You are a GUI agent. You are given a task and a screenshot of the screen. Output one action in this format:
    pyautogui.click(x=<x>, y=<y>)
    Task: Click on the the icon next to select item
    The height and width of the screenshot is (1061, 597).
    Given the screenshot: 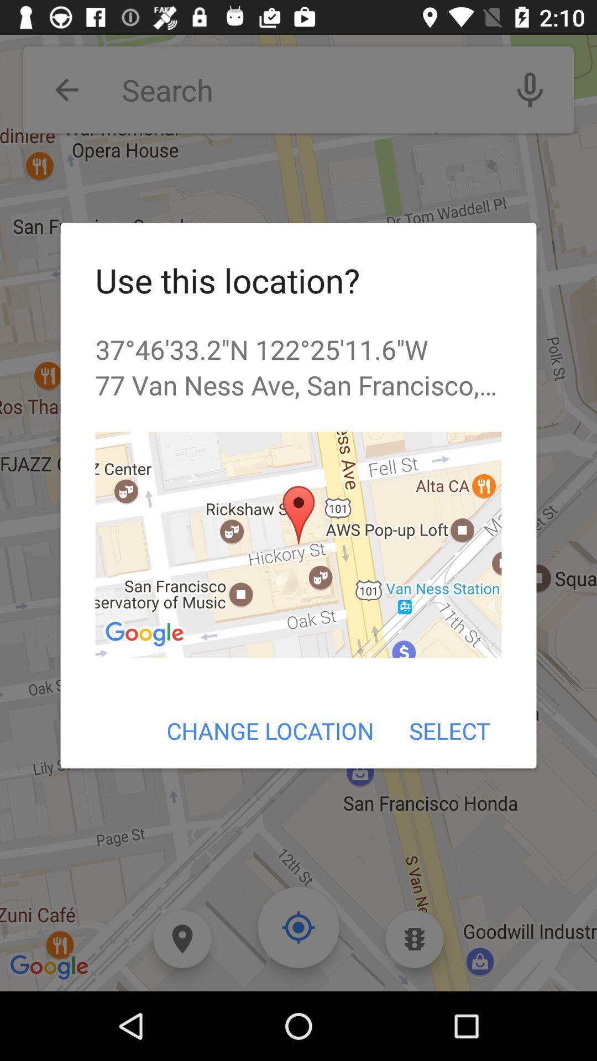 What is the action you would take?
    pyautogui.click(x=270, y=731)
    